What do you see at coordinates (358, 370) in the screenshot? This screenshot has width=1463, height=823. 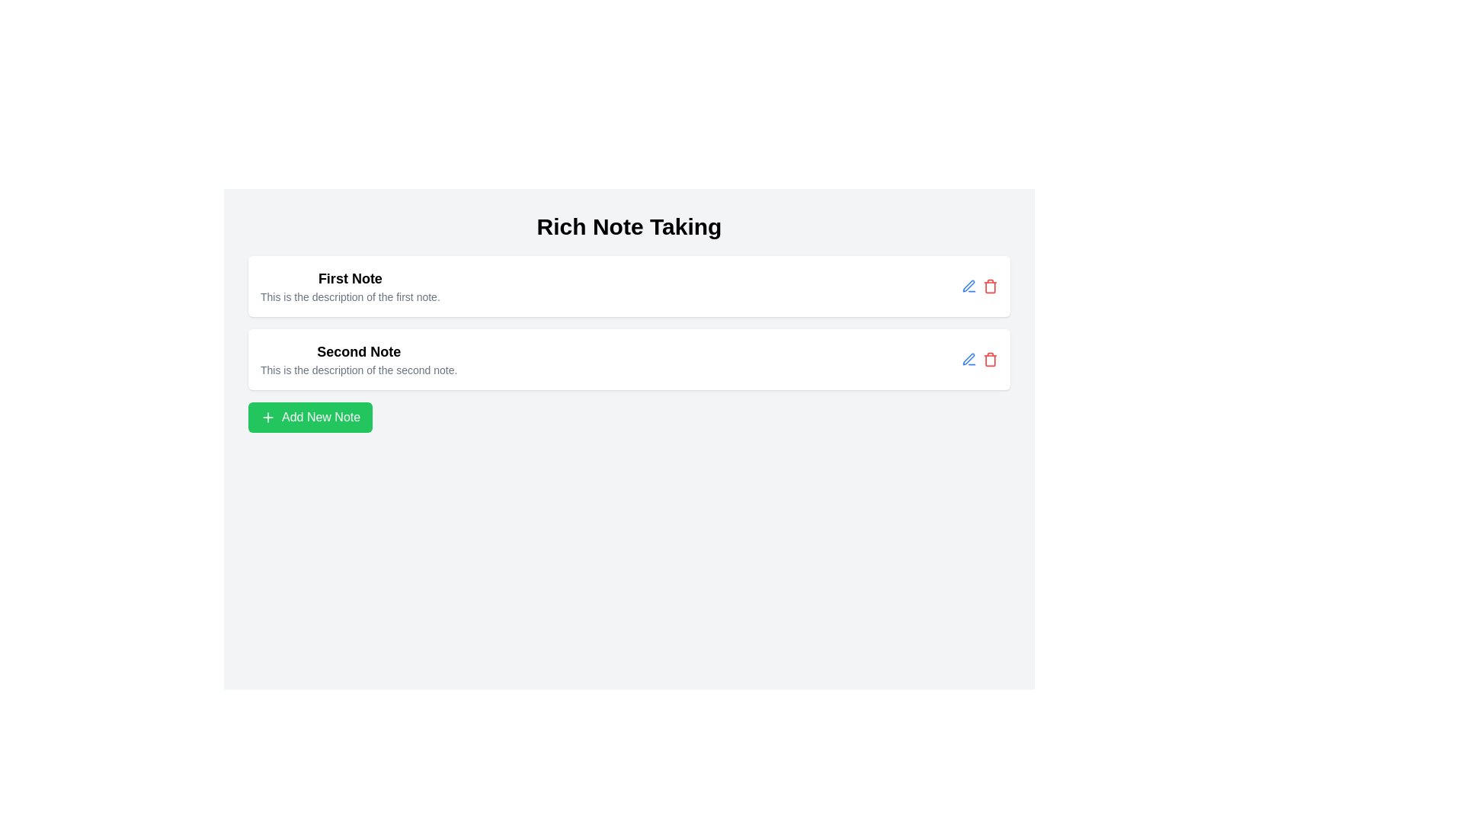 I see `the static text label displaying 'This is the description of the second note.' which is positioned below the title 'Second Note' in the note-taking interface` at bounding box center [358, 370].